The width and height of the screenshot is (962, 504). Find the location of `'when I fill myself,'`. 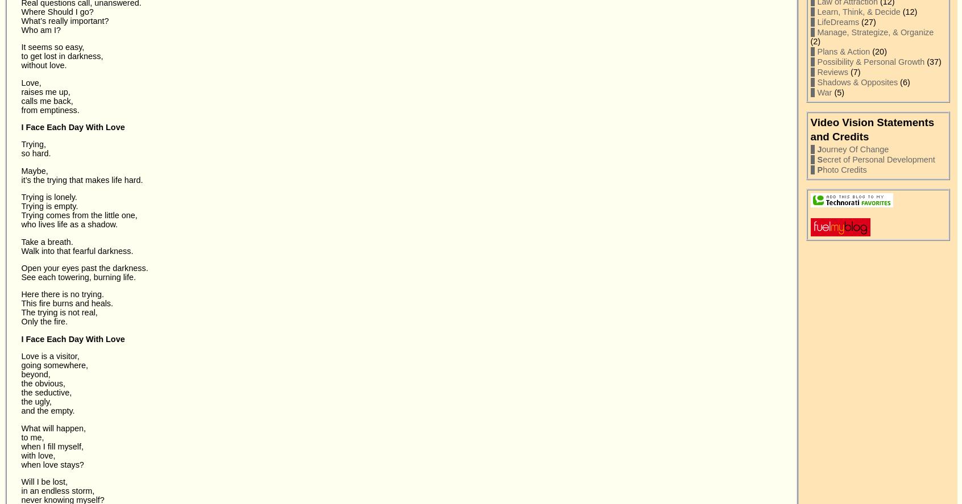

'when I fill myself,' is located at coordinates (52, 445).